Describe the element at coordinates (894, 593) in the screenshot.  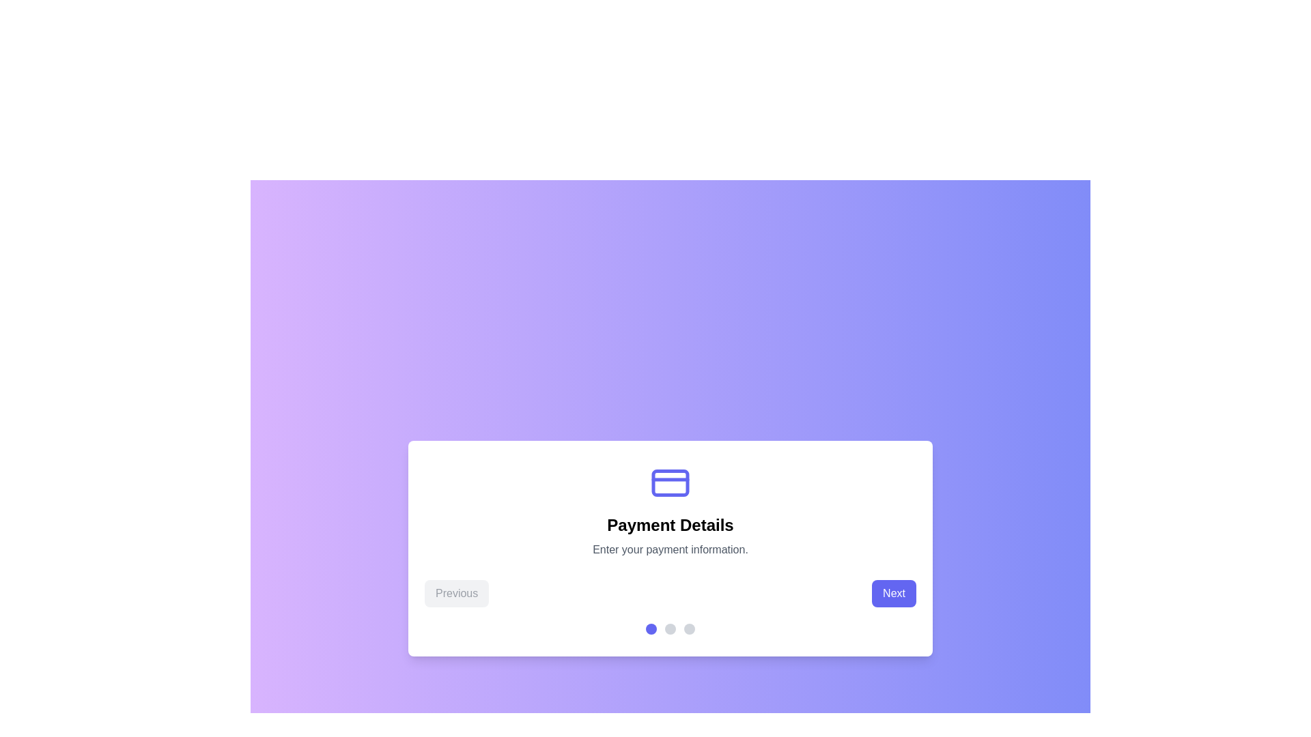
I see `'Next' button to proceed to the next step in the checkout process` at that location.